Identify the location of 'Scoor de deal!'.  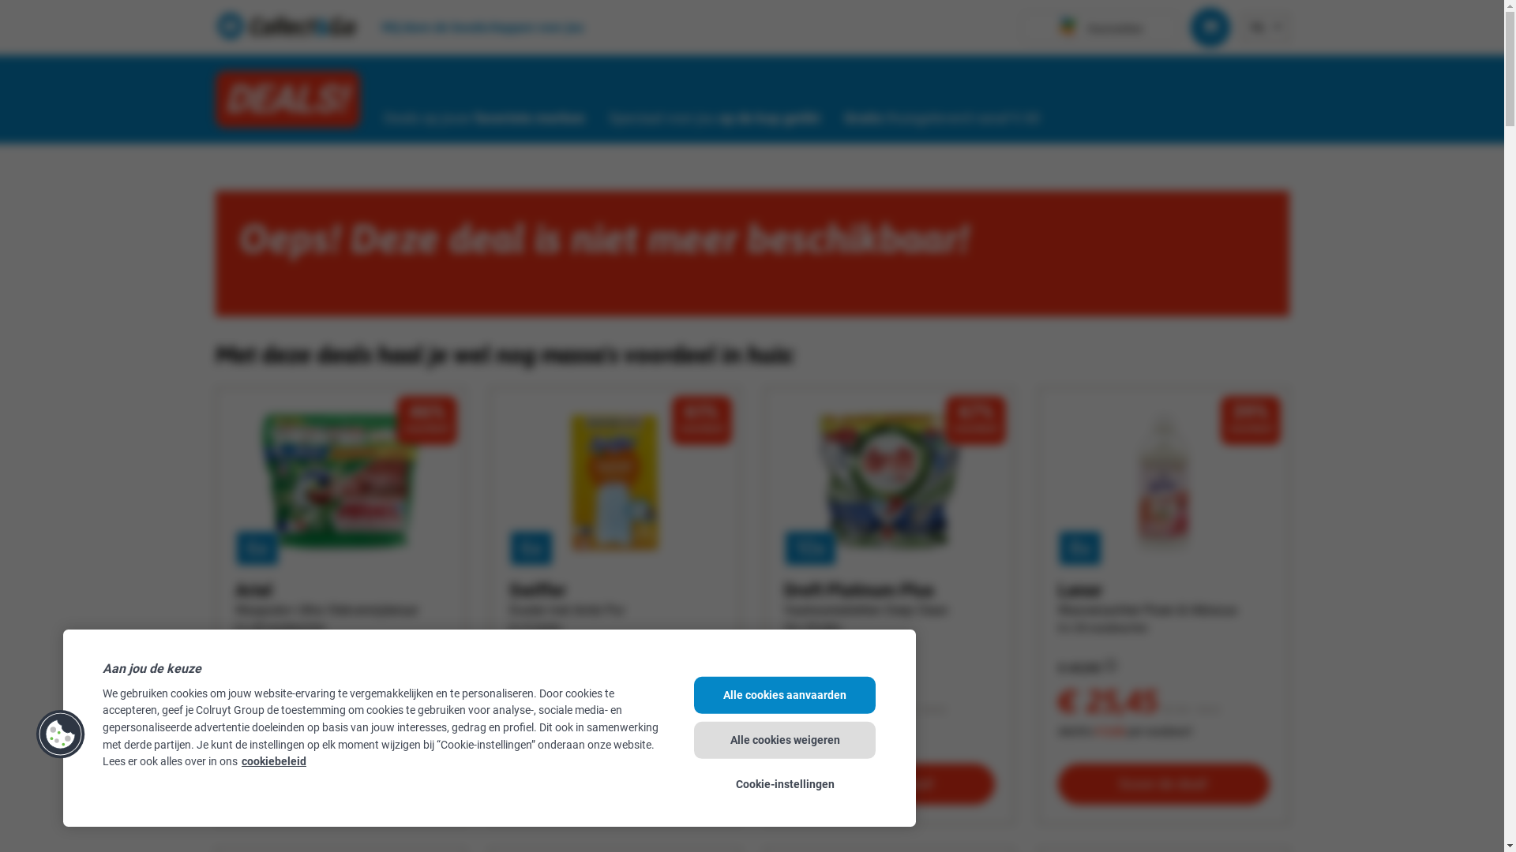
(889, 784).